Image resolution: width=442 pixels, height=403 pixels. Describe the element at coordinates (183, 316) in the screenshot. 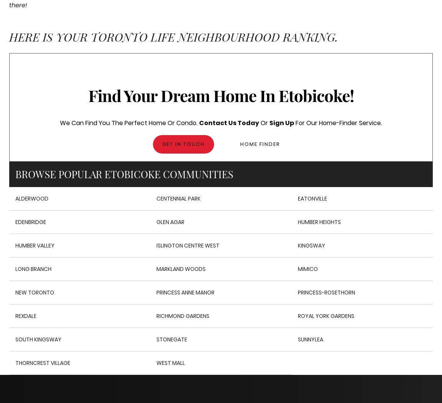

I see `'Richmond Gardens'` at that location.